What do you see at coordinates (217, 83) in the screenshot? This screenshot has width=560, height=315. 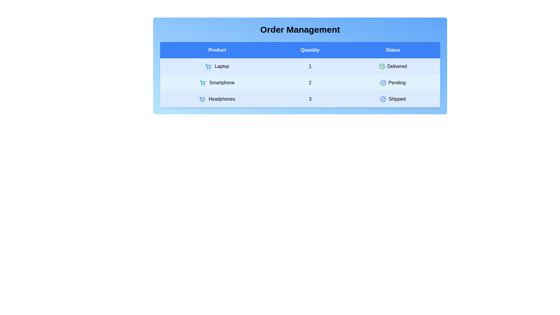 I see `the product name Smartphone to select it` at bounding box center [217, 83].